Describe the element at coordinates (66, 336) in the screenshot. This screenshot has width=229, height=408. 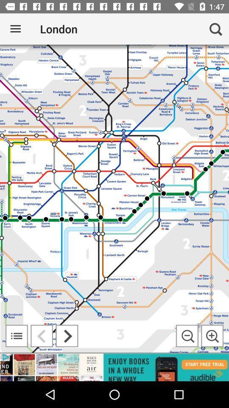
I see `next` at that location.